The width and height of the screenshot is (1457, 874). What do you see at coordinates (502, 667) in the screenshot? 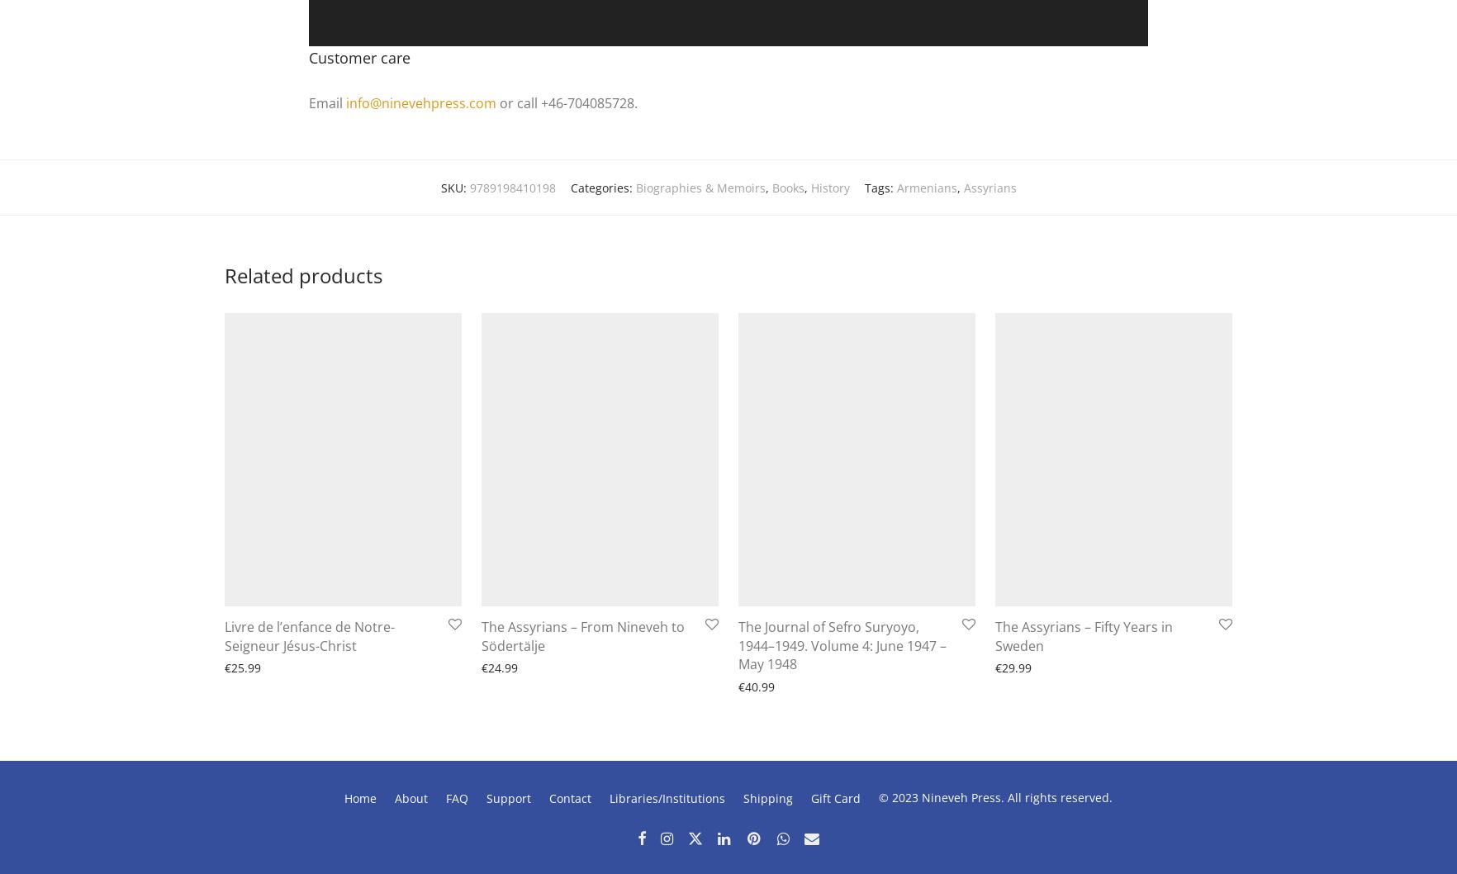
I see `'24.99'` at bounding box center [502, 667].